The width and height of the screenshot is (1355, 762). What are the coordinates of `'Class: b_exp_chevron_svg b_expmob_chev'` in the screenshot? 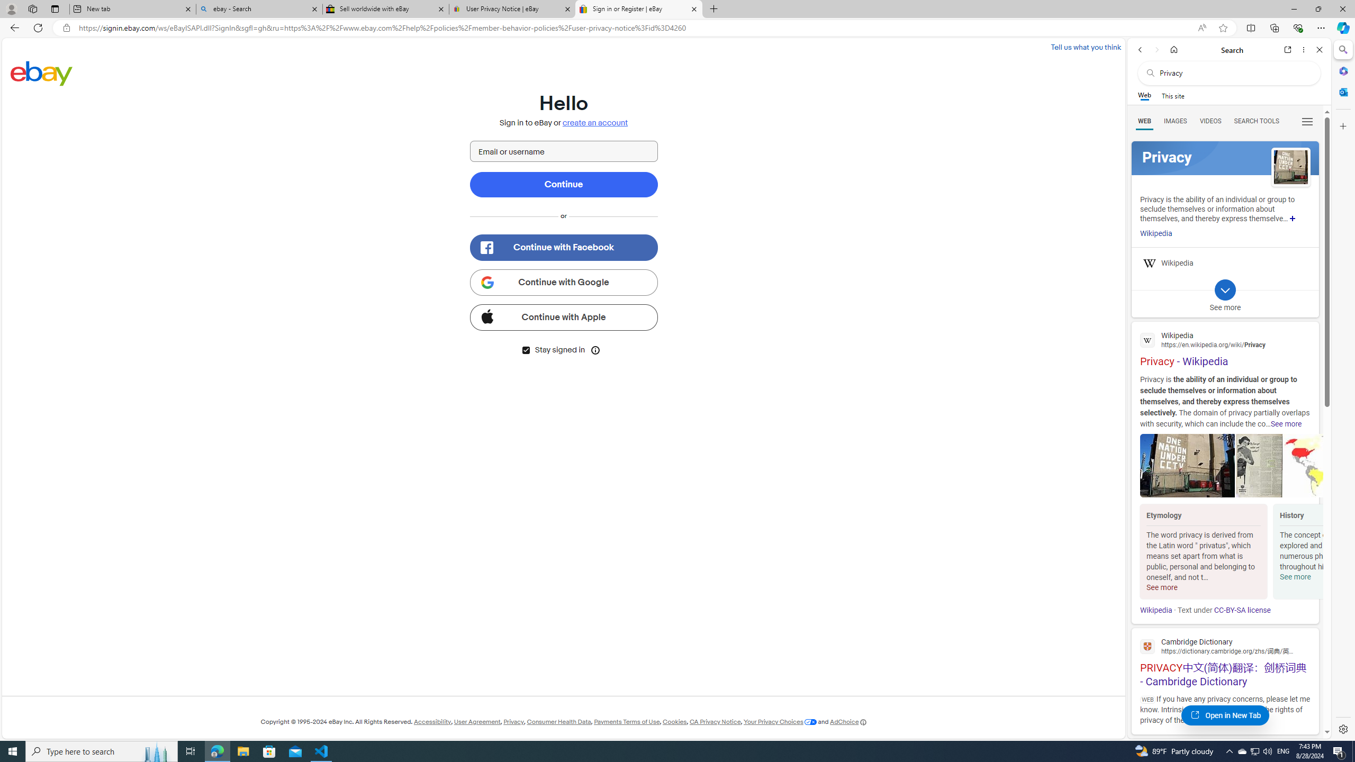 It's located at (1225, 289).